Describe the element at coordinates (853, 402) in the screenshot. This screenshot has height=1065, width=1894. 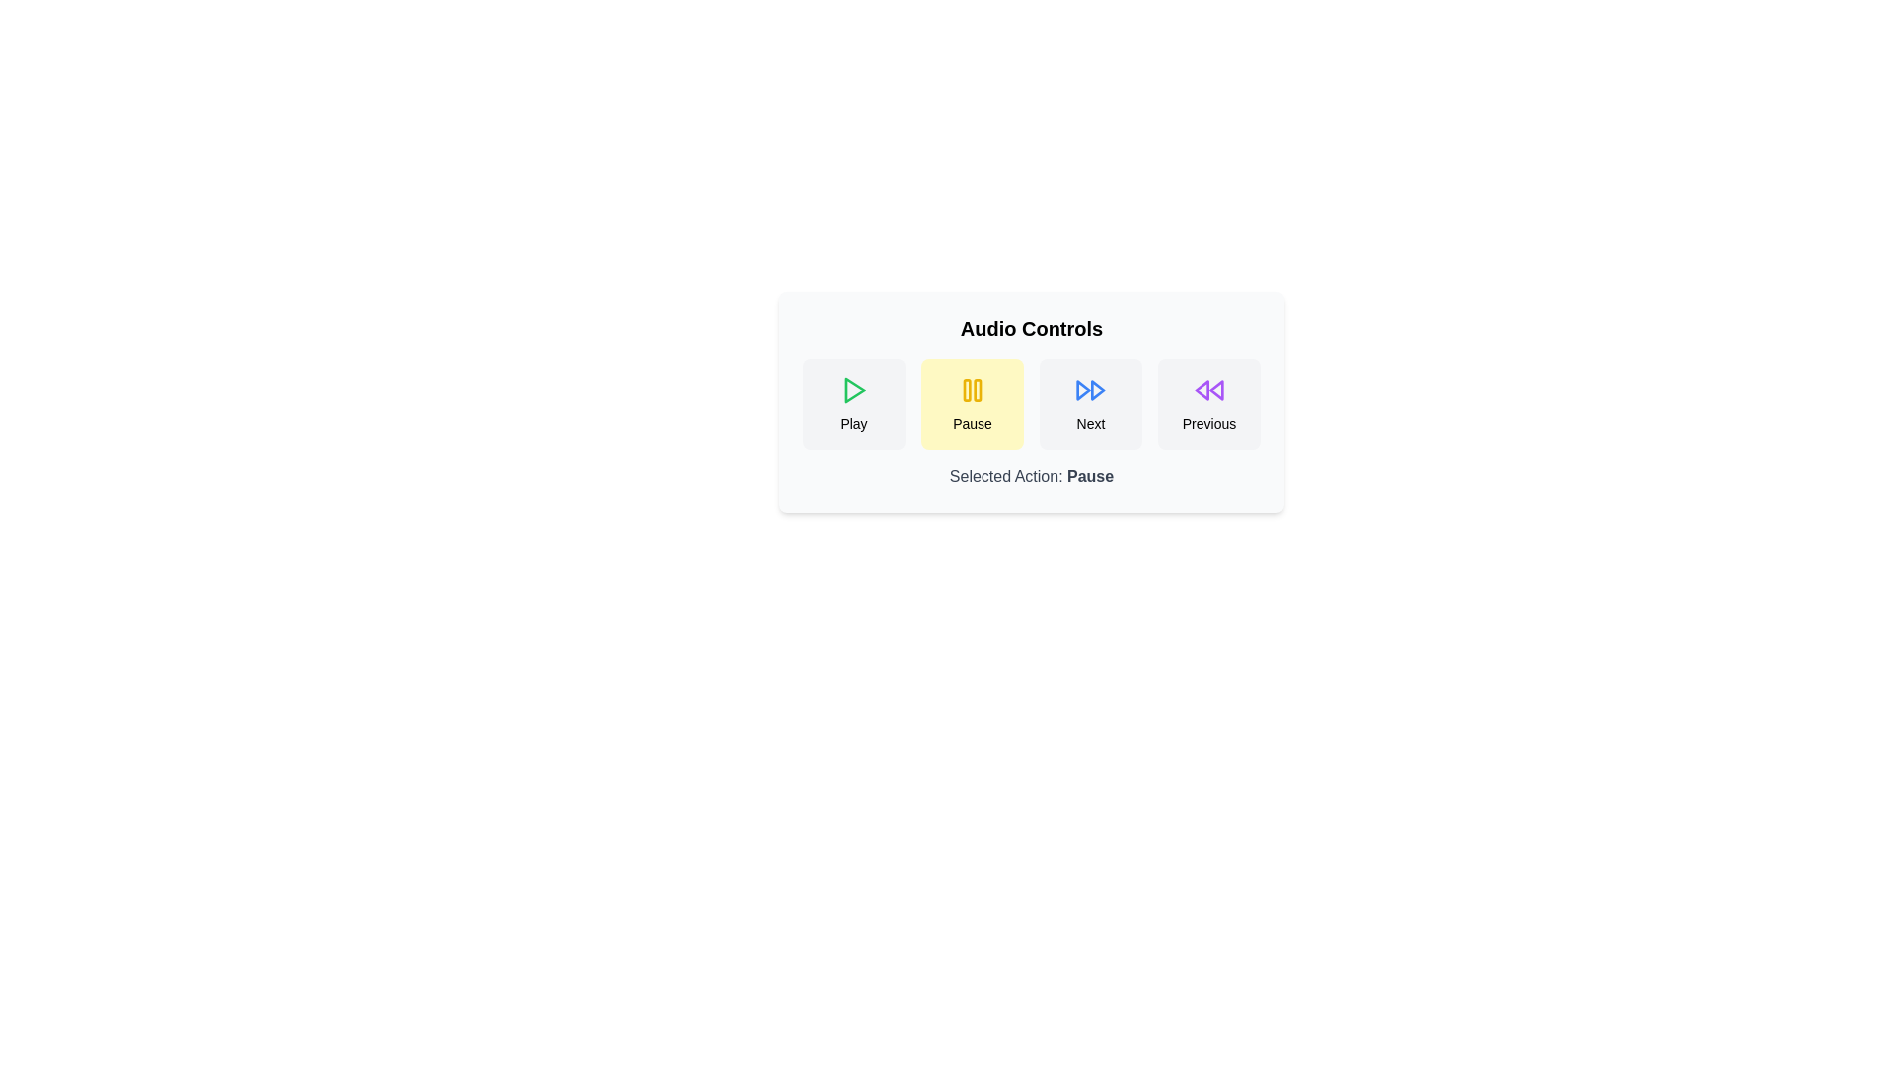
I see `the Play button to observe the hover effect` at that location.